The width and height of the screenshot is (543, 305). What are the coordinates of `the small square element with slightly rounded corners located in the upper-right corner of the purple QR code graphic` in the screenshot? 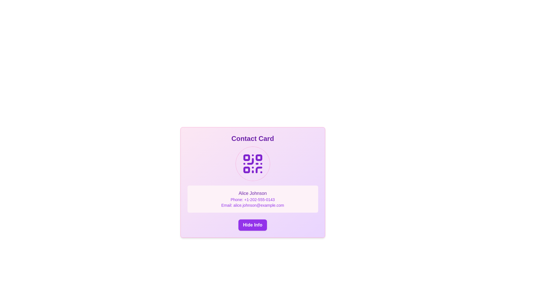 It's located at (258, 158).